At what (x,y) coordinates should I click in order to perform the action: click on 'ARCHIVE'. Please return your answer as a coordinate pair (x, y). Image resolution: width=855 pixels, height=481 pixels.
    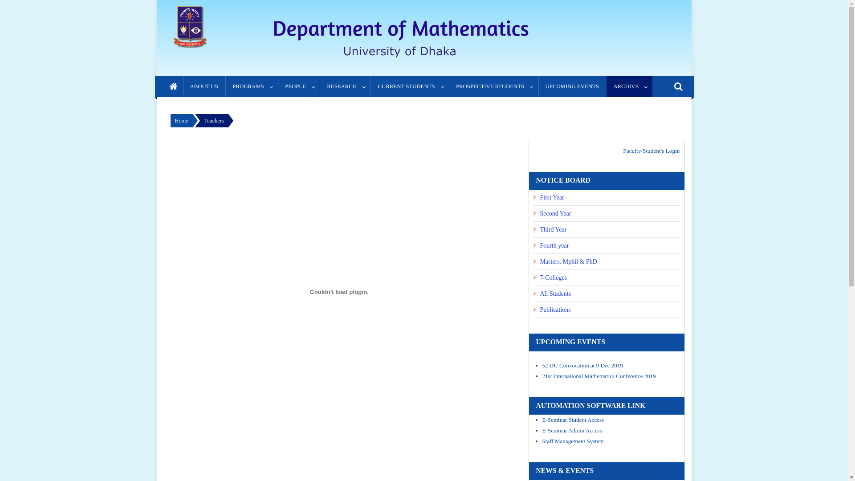
    Looking at the image, I should click on (628, 86).